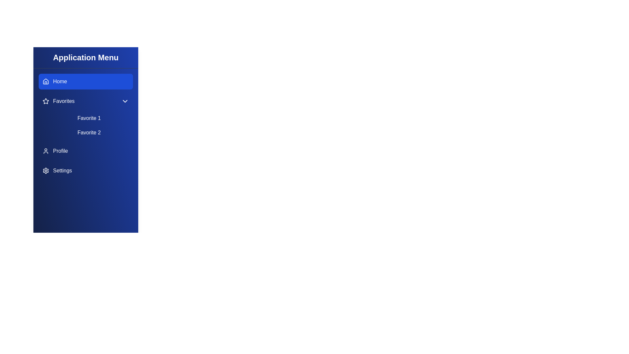 This screenshot has height=354, width=629. What do you see at coordinates (58, 101) in the screenshot?
I see `the 'Favorites' navigation link located below the 'Home' menu option in the sidebar` at bounding box center [58, 101].